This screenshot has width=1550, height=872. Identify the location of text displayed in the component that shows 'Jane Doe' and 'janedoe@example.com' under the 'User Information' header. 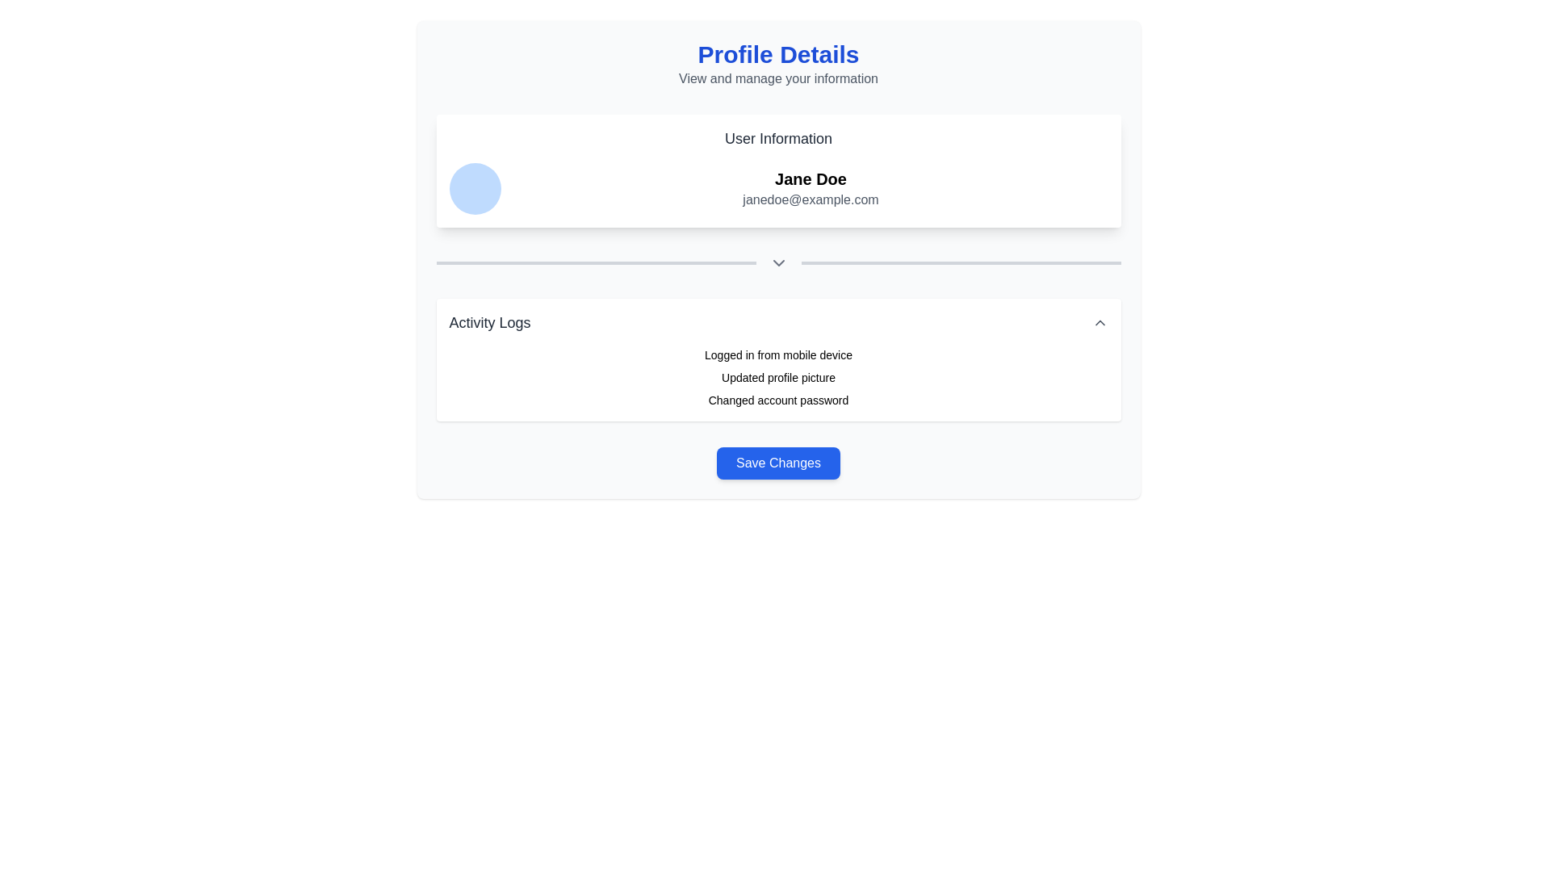
(811, 188).